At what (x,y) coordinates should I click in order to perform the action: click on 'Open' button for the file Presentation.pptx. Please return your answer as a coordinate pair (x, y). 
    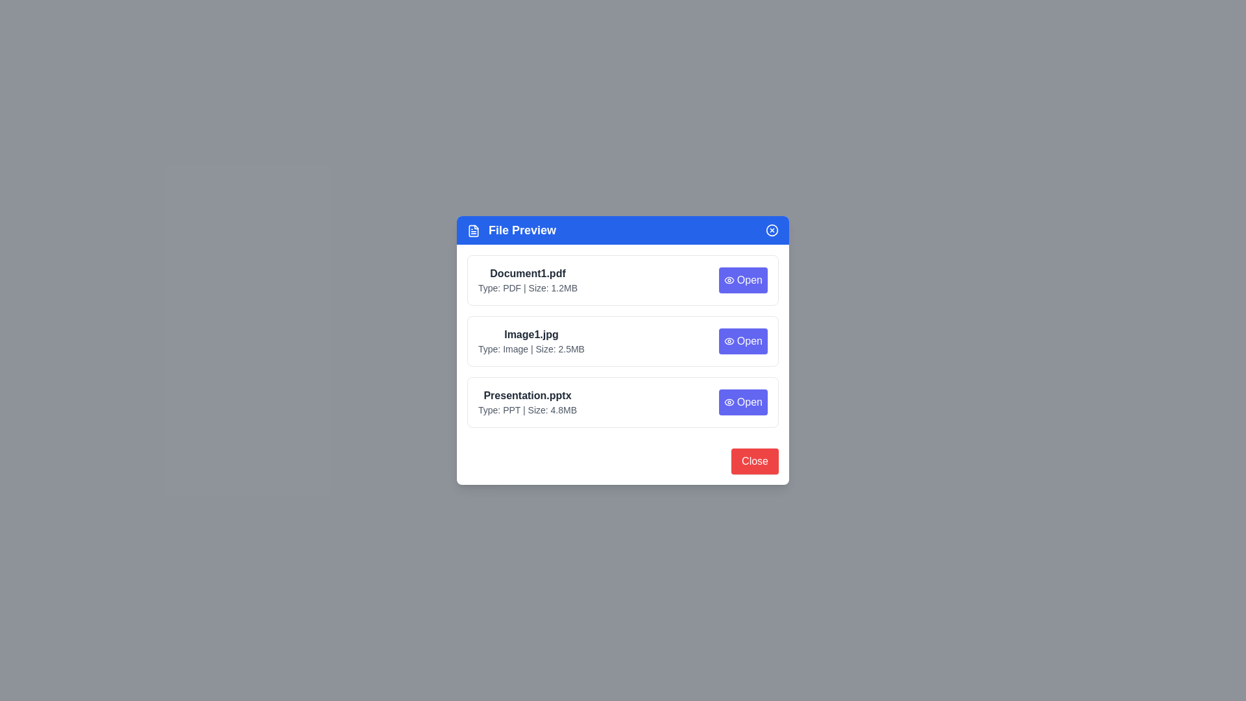
    Looking at the image, I should click on (743, 402).